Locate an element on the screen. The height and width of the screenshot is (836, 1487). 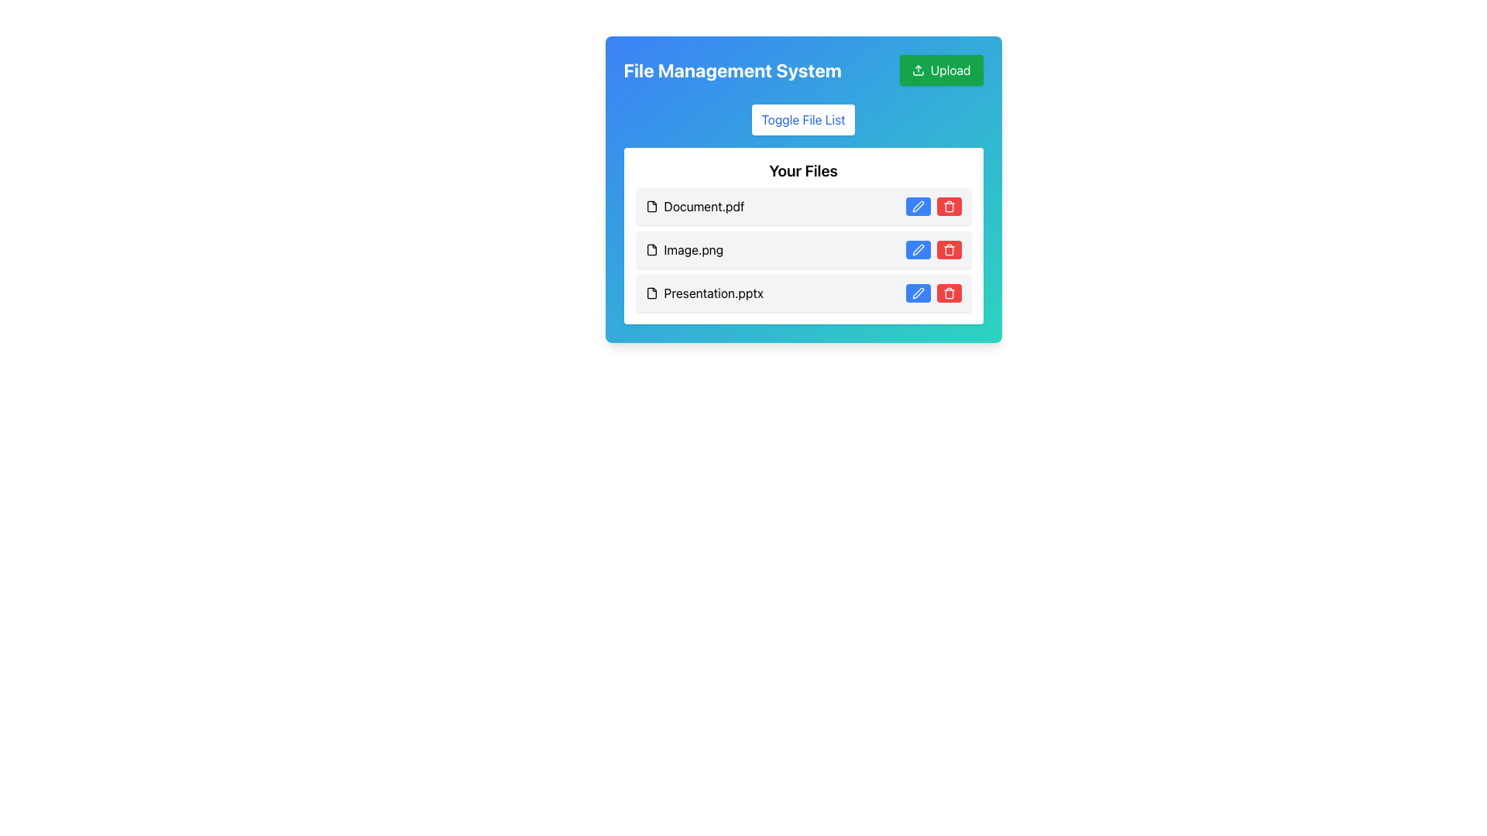
the edit icon button located to the right of the 'Presentation.pptx' row in the file list to initiate file edit mode is located at coordinates (918, 293).